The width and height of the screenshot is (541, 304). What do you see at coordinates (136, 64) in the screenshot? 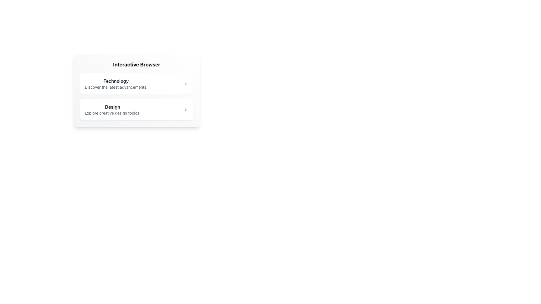
I see `text string 'Interactive Browser' which is presented in a bold and large font at the top of a card-like component` at bounding box center [136, 64].